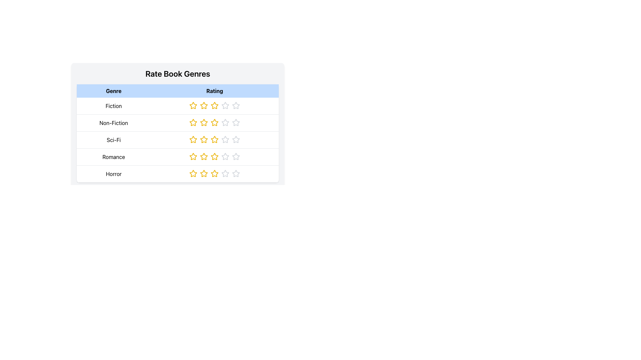 The image size is (641, 360). Describe the element at coordinates (215, 173) in the screenshot. I see `the third interactive star icon for rating in the 'Horror' row of the 'Rate Book Genres' table` at that location.